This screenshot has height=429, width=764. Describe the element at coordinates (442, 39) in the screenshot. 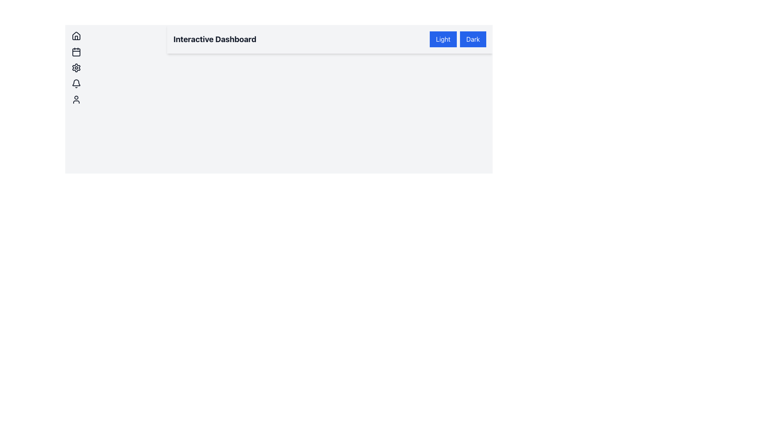

I see `the rectangular 'Light' button with a blue background and white text` at that location.